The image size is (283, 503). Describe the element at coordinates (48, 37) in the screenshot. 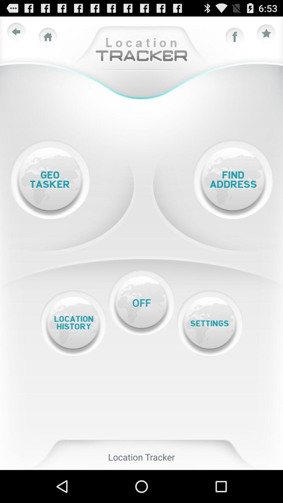

I see `home menu` at that location.